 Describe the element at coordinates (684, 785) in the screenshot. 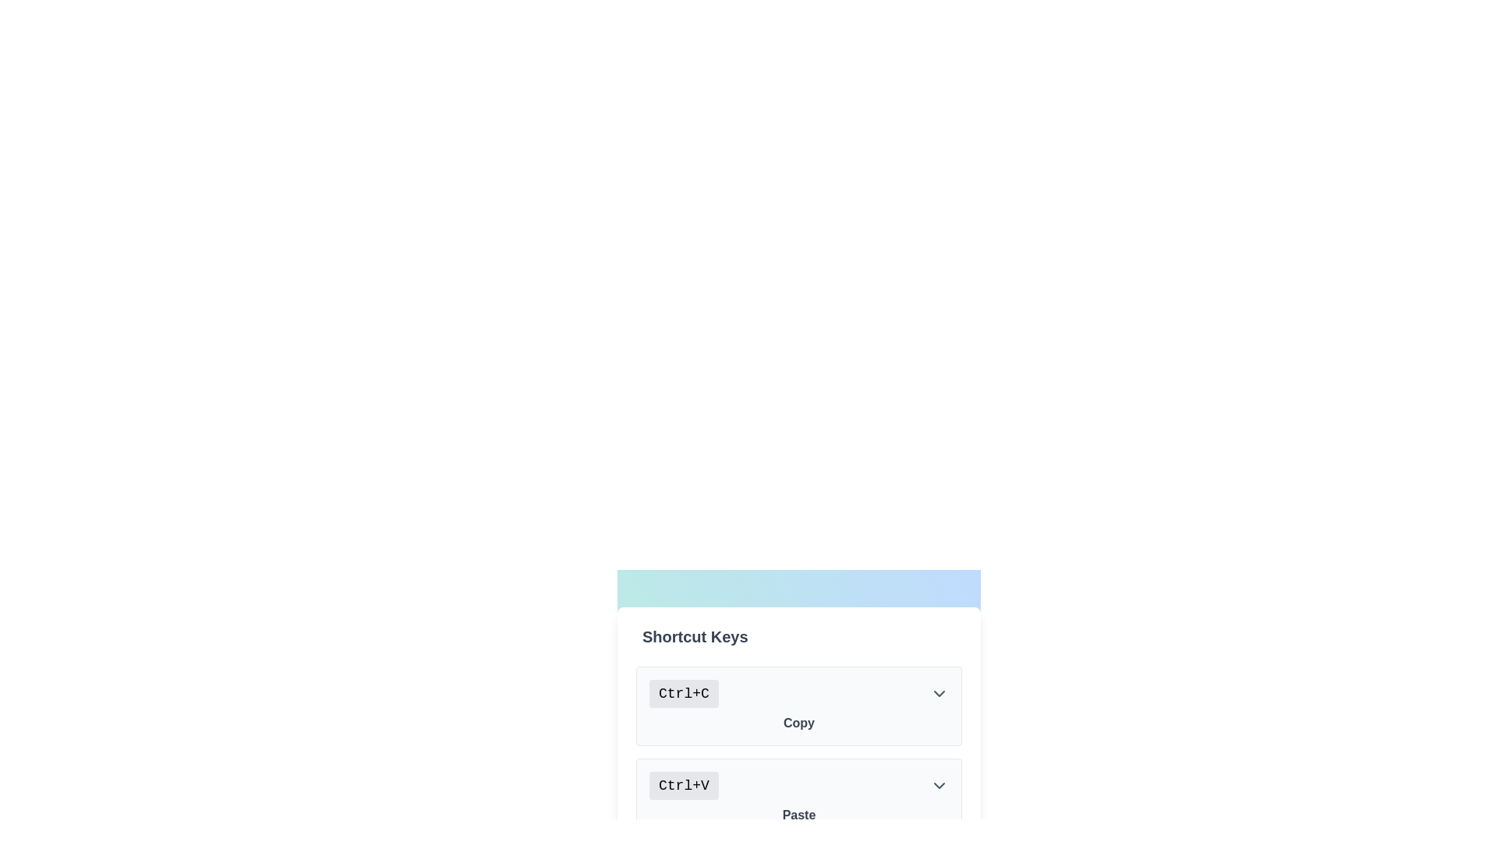

I see `text of the Text Label indicating the keyboard shortcut 'Ctrl+V', which is located in the 'Shortcut Keys' section below 'Ctrl+C'` at that location.